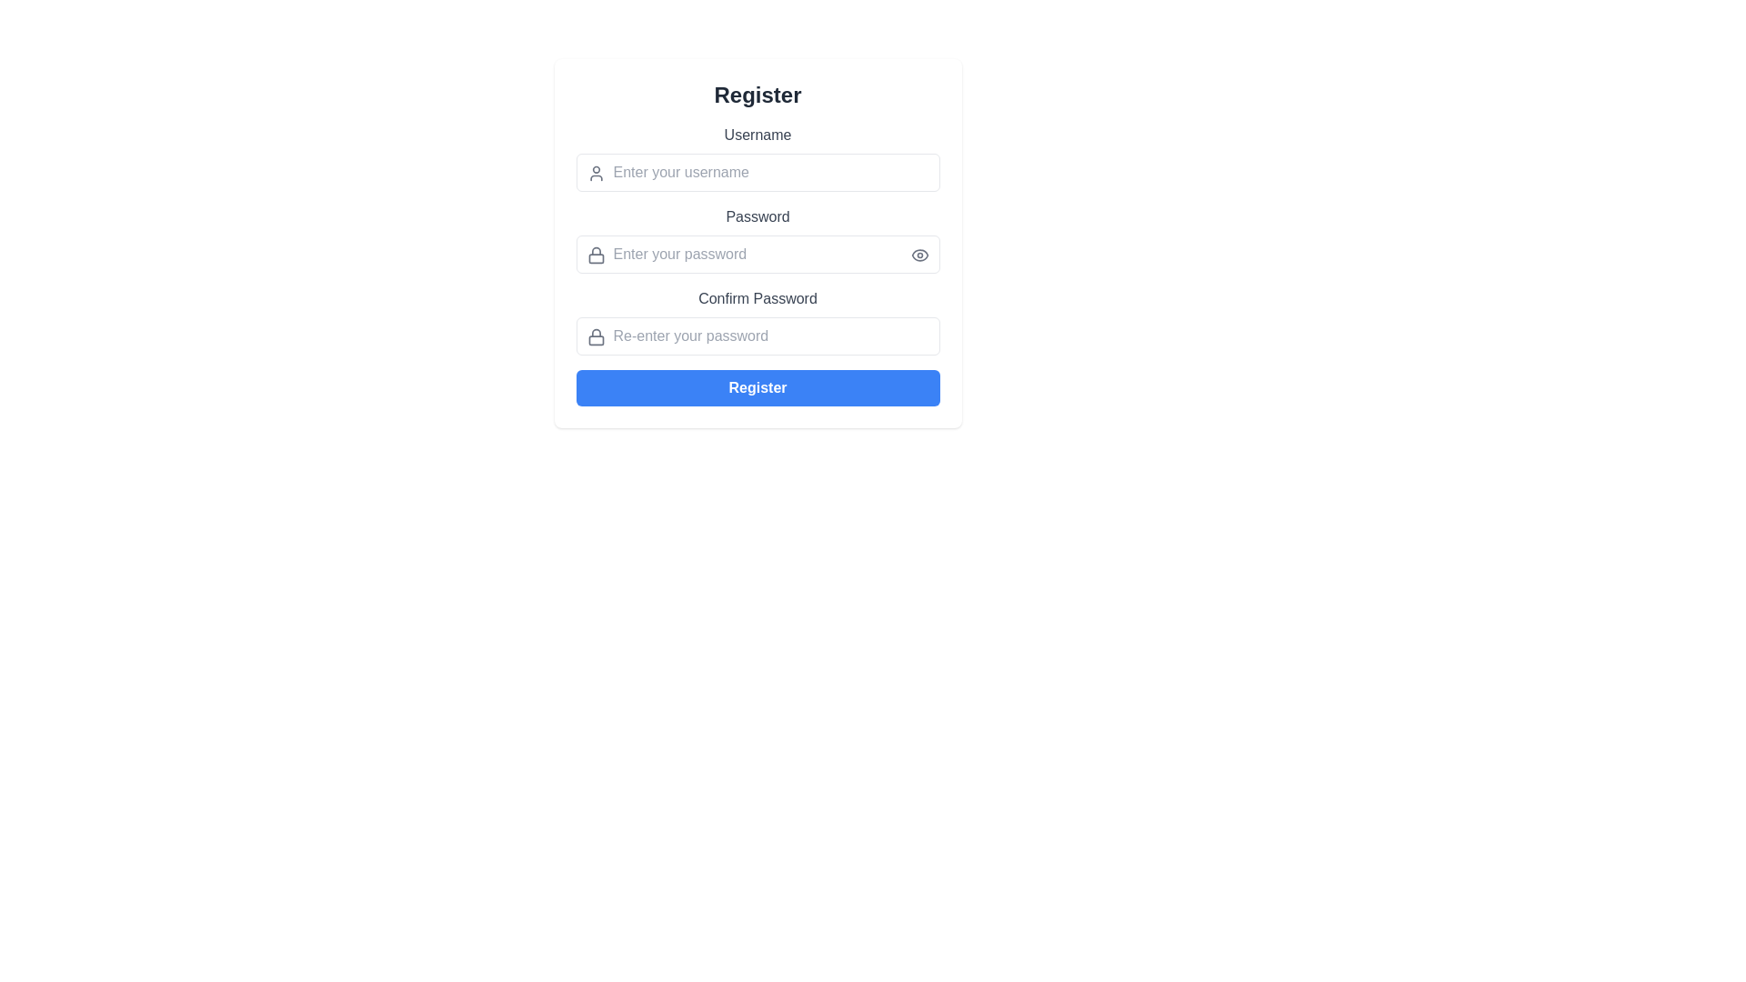  I want to click on the icon located at the left edge of the username input field, which visually represents the purpose of the input, so click(596, 174).